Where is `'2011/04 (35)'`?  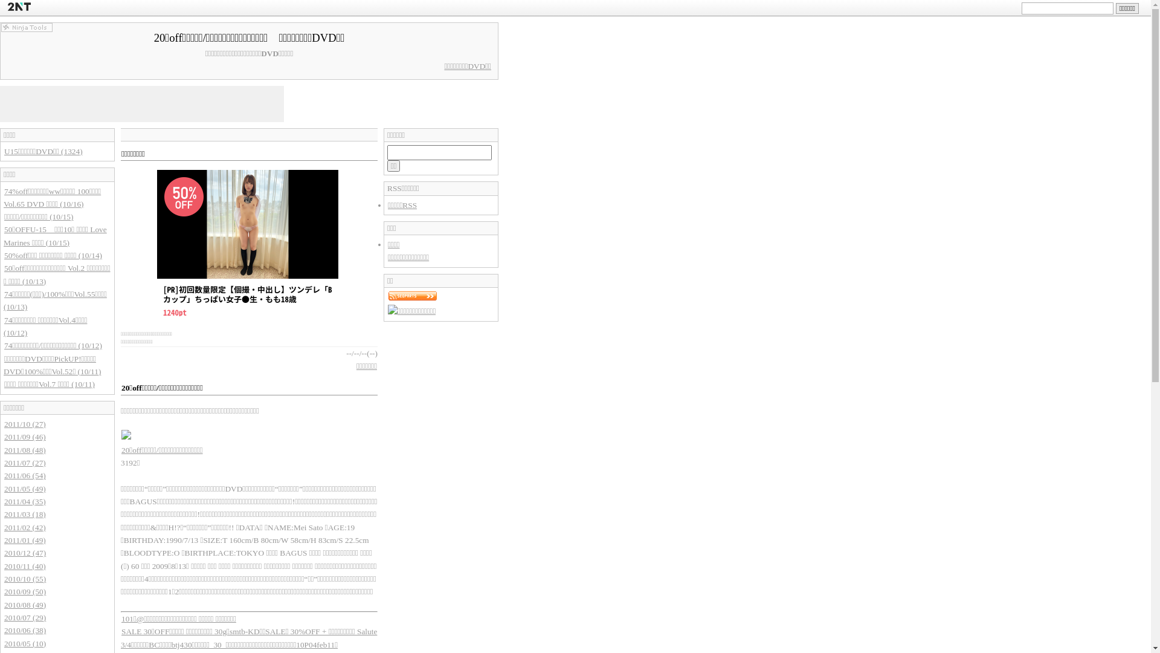
'2011/04 (35)' is located at coordinates (3, 501).